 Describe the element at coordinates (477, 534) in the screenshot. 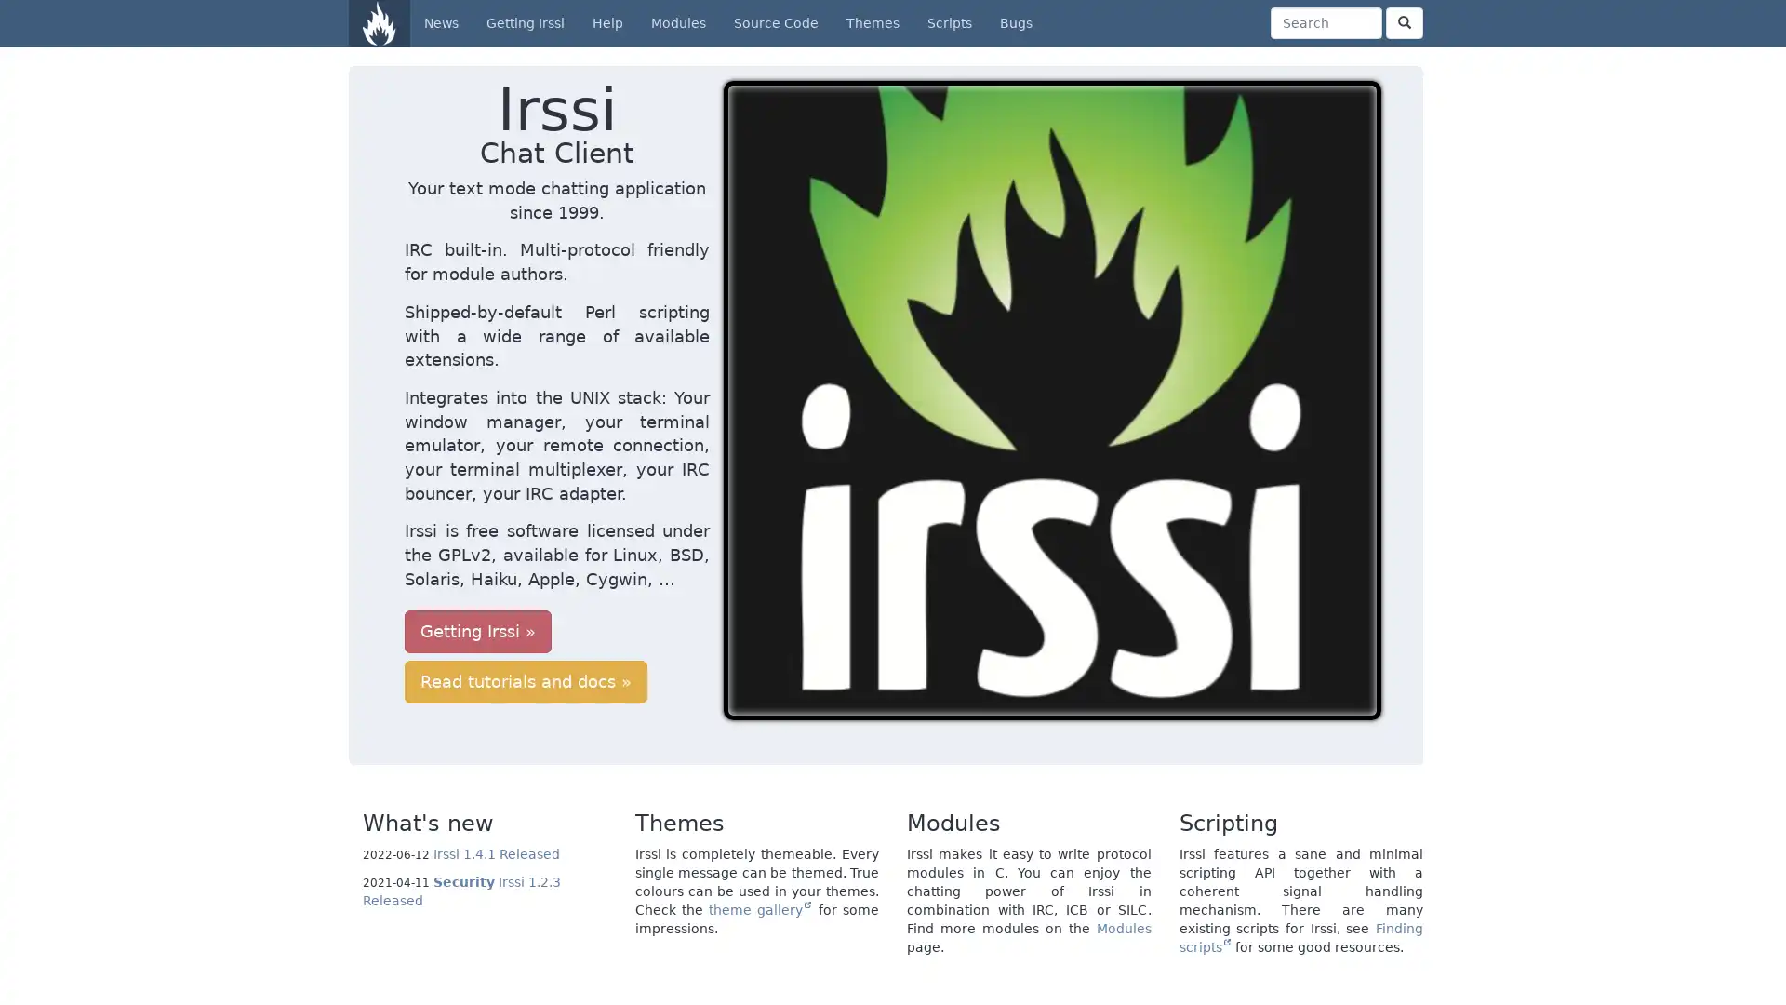

I see `Getting Irssi` at that location.